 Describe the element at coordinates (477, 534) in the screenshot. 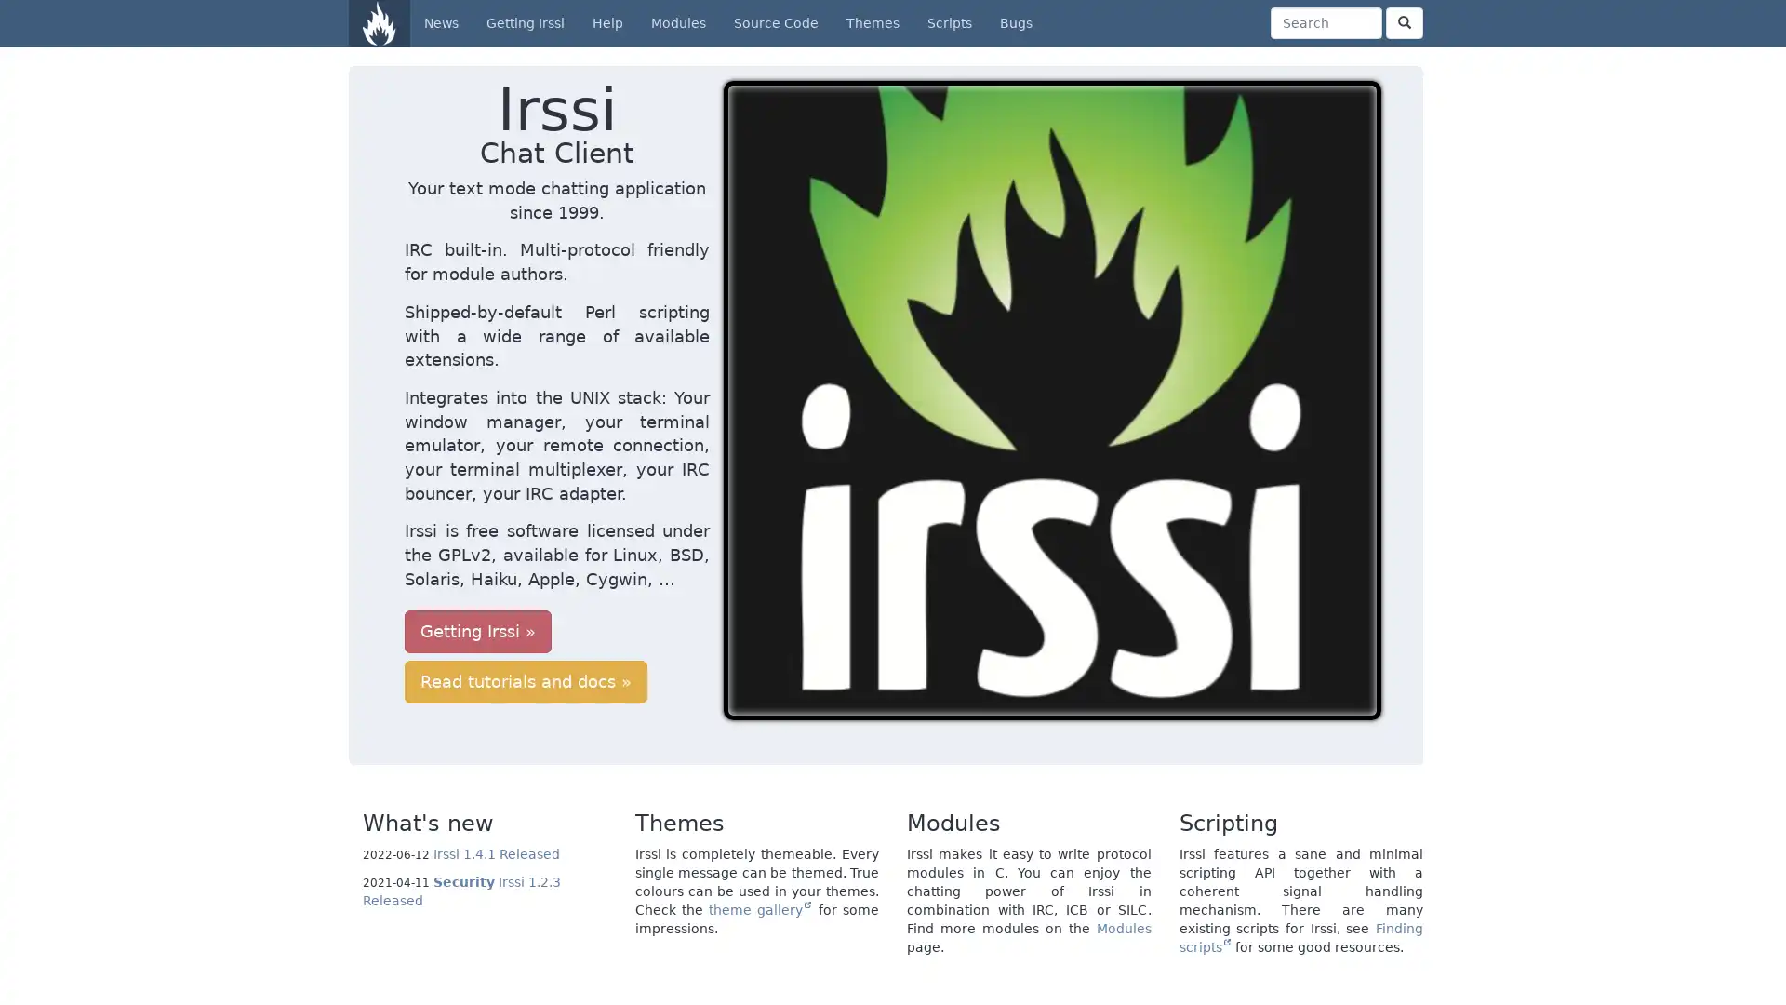

I see `Getting Irssi` at that location.